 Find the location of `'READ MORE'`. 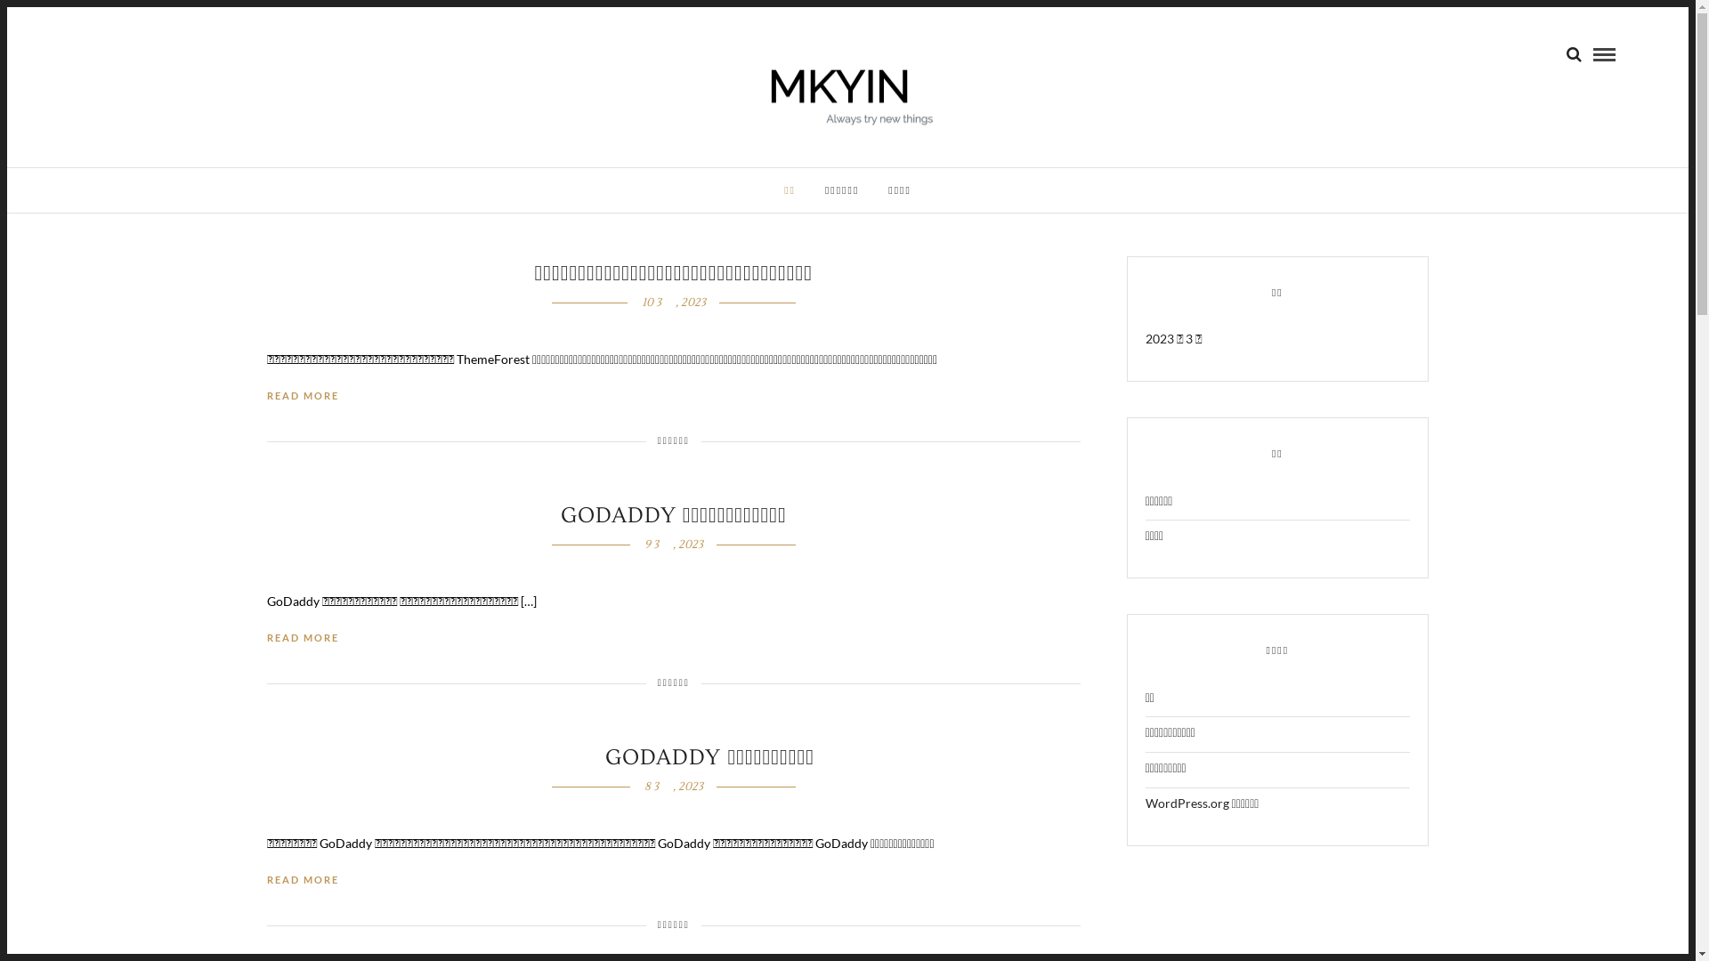

'READ MORE' is located at coordinates (303, 395).